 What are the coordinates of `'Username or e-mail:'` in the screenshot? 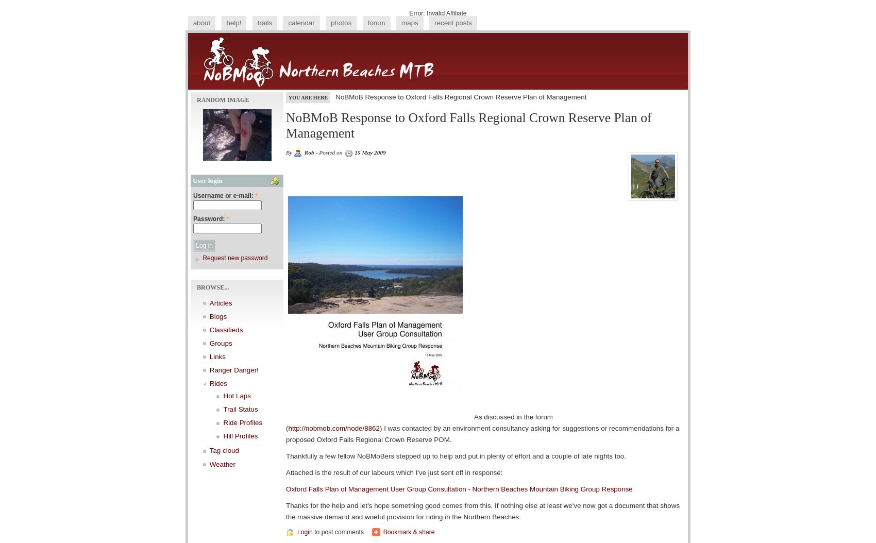 It's located at (224, 195).